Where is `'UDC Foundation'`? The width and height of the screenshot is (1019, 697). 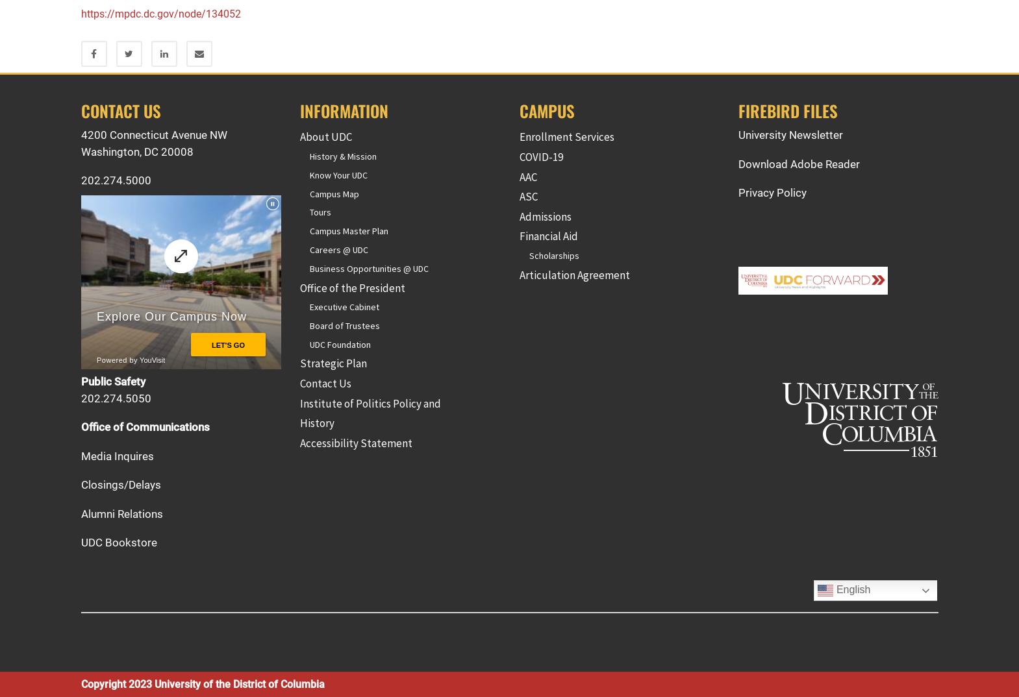
'UDC Foundation' is located at coordinates (308, 344).